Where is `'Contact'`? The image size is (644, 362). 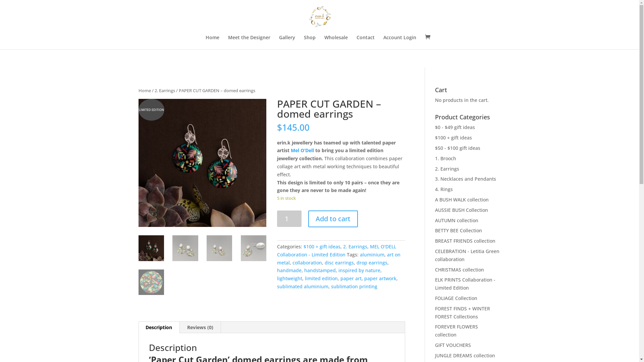 'Contact' is located at coordinates (365, 42).